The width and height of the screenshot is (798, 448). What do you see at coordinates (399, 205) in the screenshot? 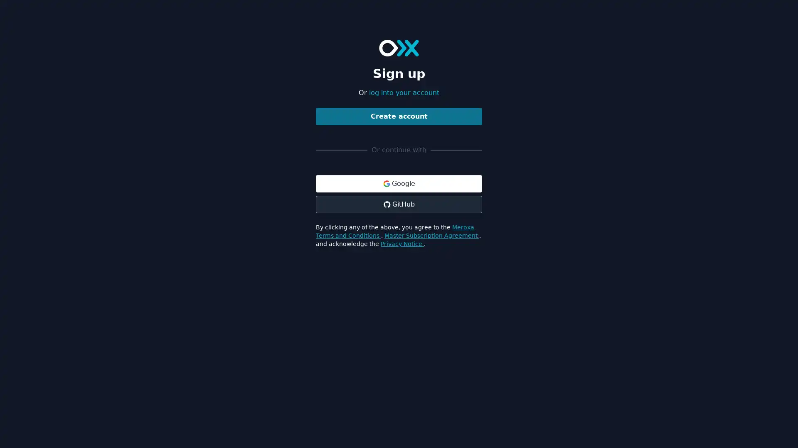
I see `GitHub GitHub` at bounding box center [399, 205].